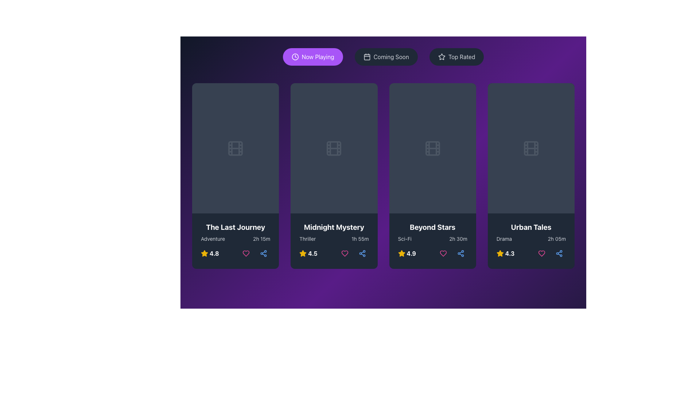 Image resolution: width=700 pixels, height=394 pixels. What do you see at coordinates (360, 239) in the screenshot?
I see `static text label displaying '1h 55m' located in the bottom portion of the 'Midnight Mystery' movie card, adjacent to the 'Thriller' genre label` at bounding box center [360, 239].